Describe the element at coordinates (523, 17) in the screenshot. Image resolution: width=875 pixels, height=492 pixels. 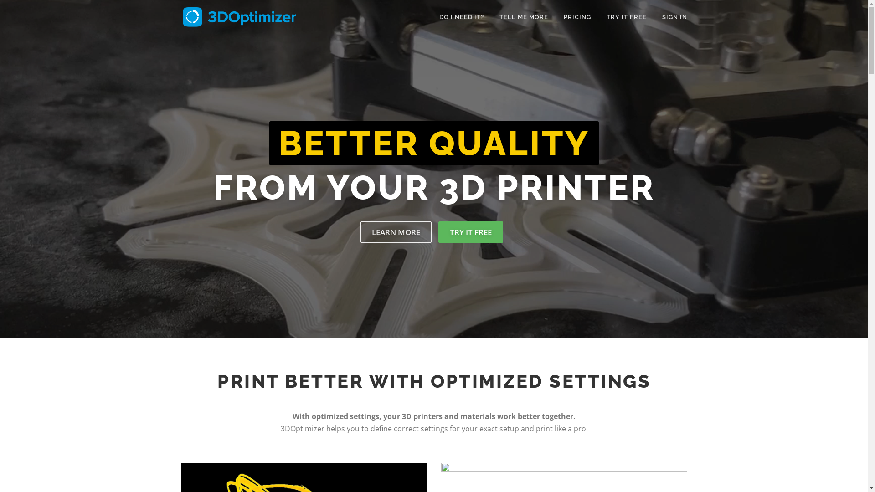
I see `'TELL ME MORE'` at that location.